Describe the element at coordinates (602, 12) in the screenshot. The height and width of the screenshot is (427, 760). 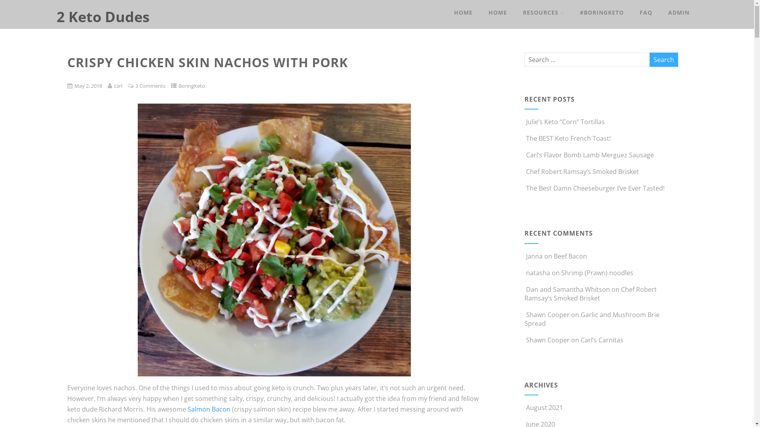
I see `'#BORINGKETO'` at that location.